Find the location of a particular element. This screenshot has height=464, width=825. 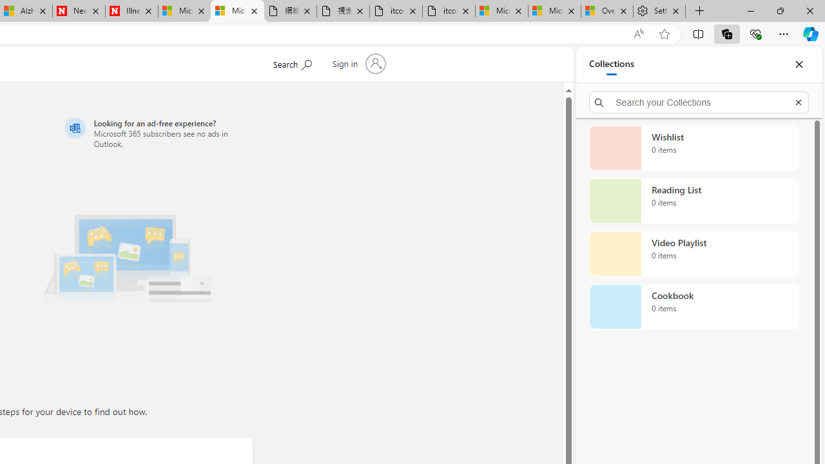

'Sign in to your account' is located at coordinates (357, 64).